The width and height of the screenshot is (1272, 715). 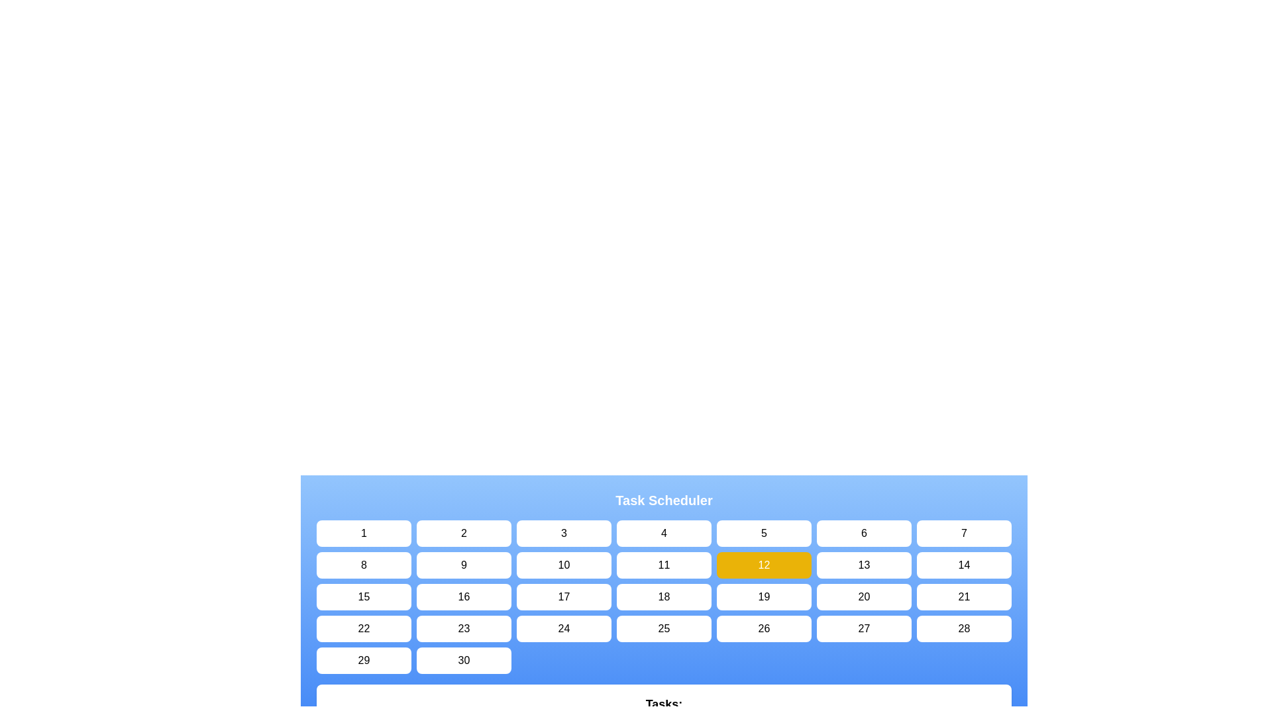 I want to click on the rounded rectangular button displaying the number '8' for reordering or selection, so click(x=364, y=565).